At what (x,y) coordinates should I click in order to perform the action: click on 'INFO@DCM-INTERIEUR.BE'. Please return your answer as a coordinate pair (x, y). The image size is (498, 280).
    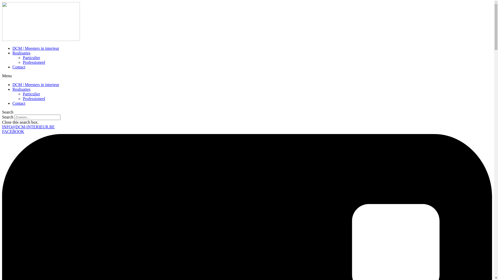
    Looking at the image, I should click on (28, 127).